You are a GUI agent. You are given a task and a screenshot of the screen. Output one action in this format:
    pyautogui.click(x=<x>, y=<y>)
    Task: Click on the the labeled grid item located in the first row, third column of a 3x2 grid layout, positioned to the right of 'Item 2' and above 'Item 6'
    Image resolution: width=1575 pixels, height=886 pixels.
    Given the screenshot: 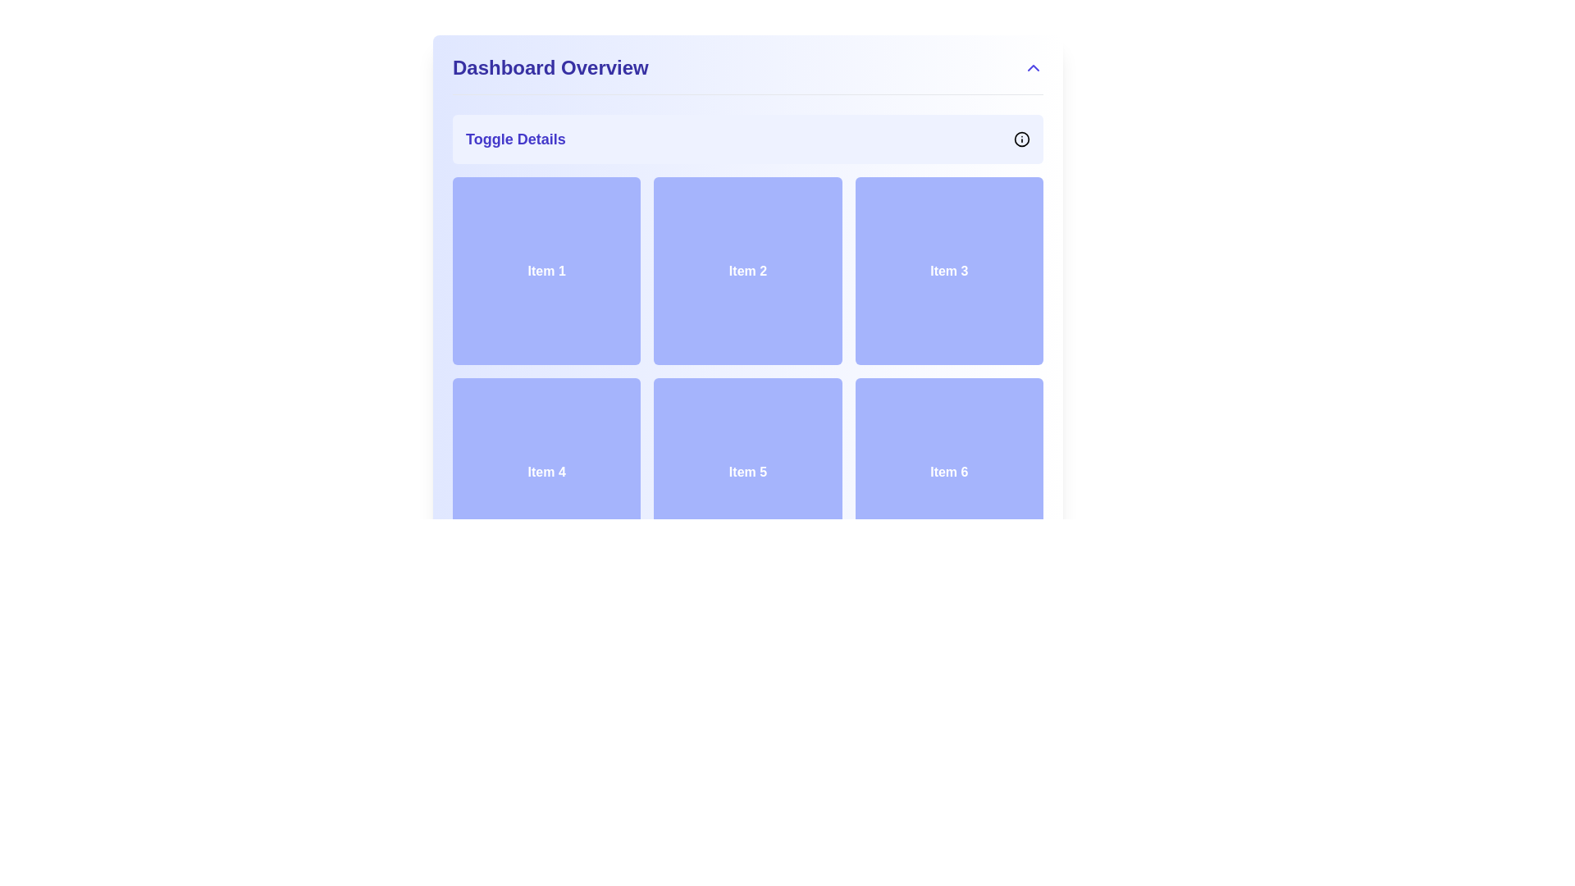 What is the action you would take?
    pyautogui.click(x=949, y=270)
    